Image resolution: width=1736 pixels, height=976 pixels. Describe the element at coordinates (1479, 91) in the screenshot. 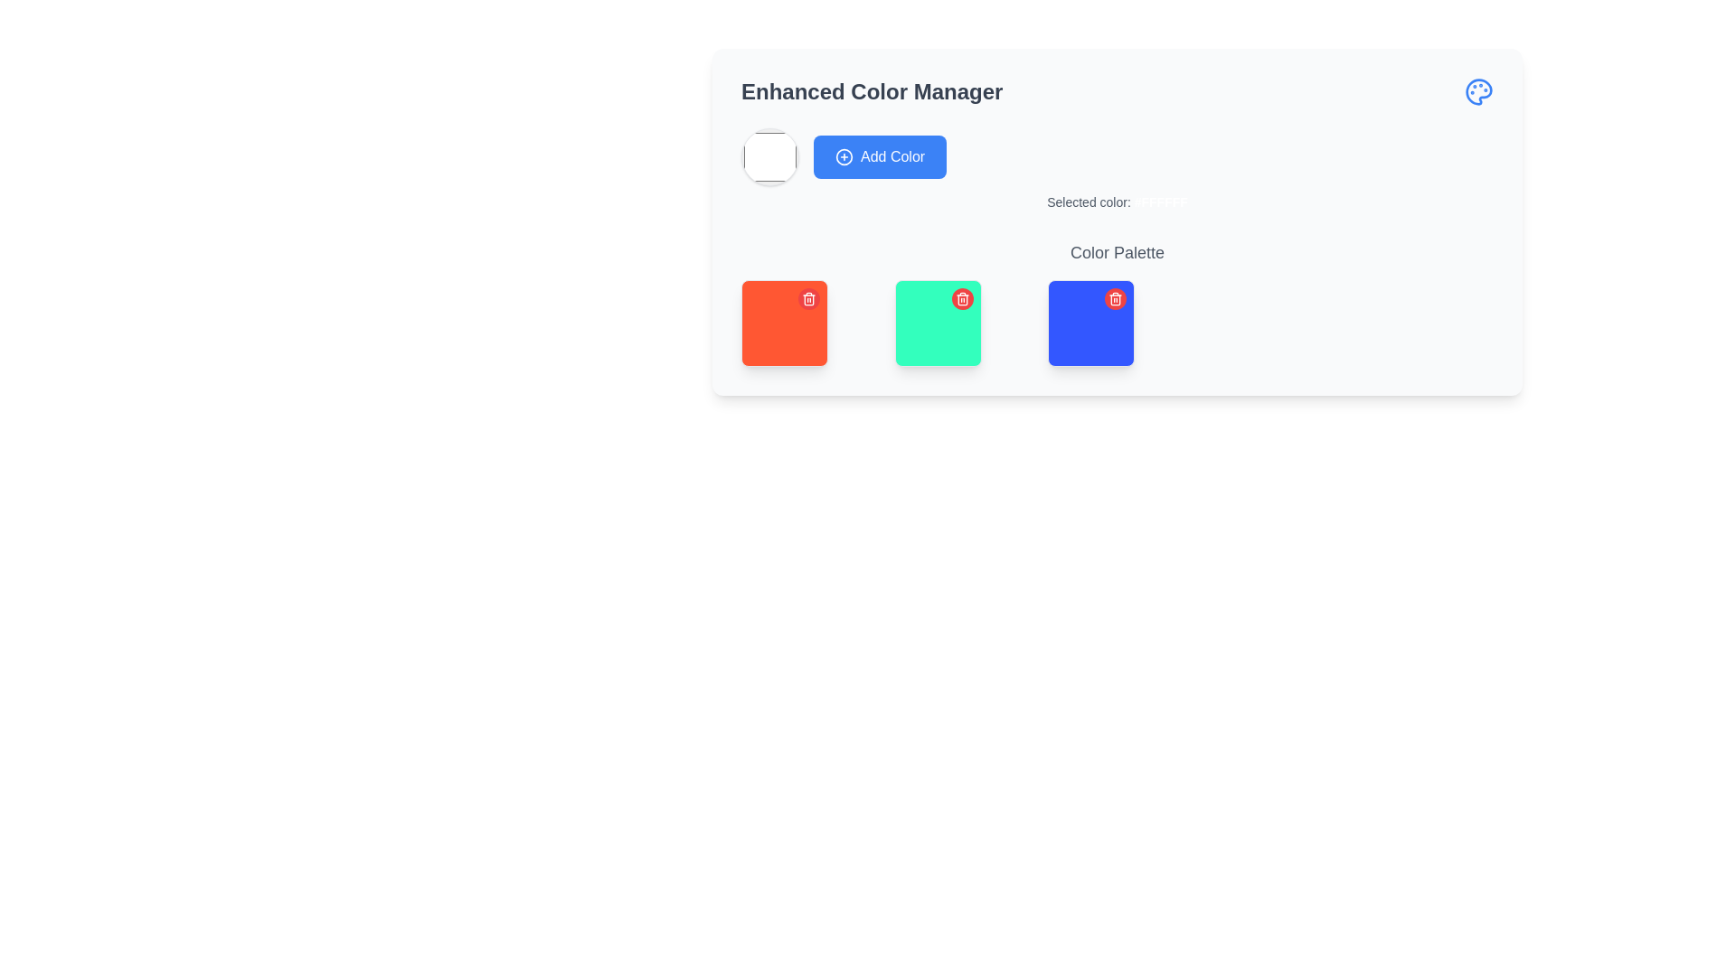

I see `the color-related Icon button located at the top-right corner of the application interface` at that location.